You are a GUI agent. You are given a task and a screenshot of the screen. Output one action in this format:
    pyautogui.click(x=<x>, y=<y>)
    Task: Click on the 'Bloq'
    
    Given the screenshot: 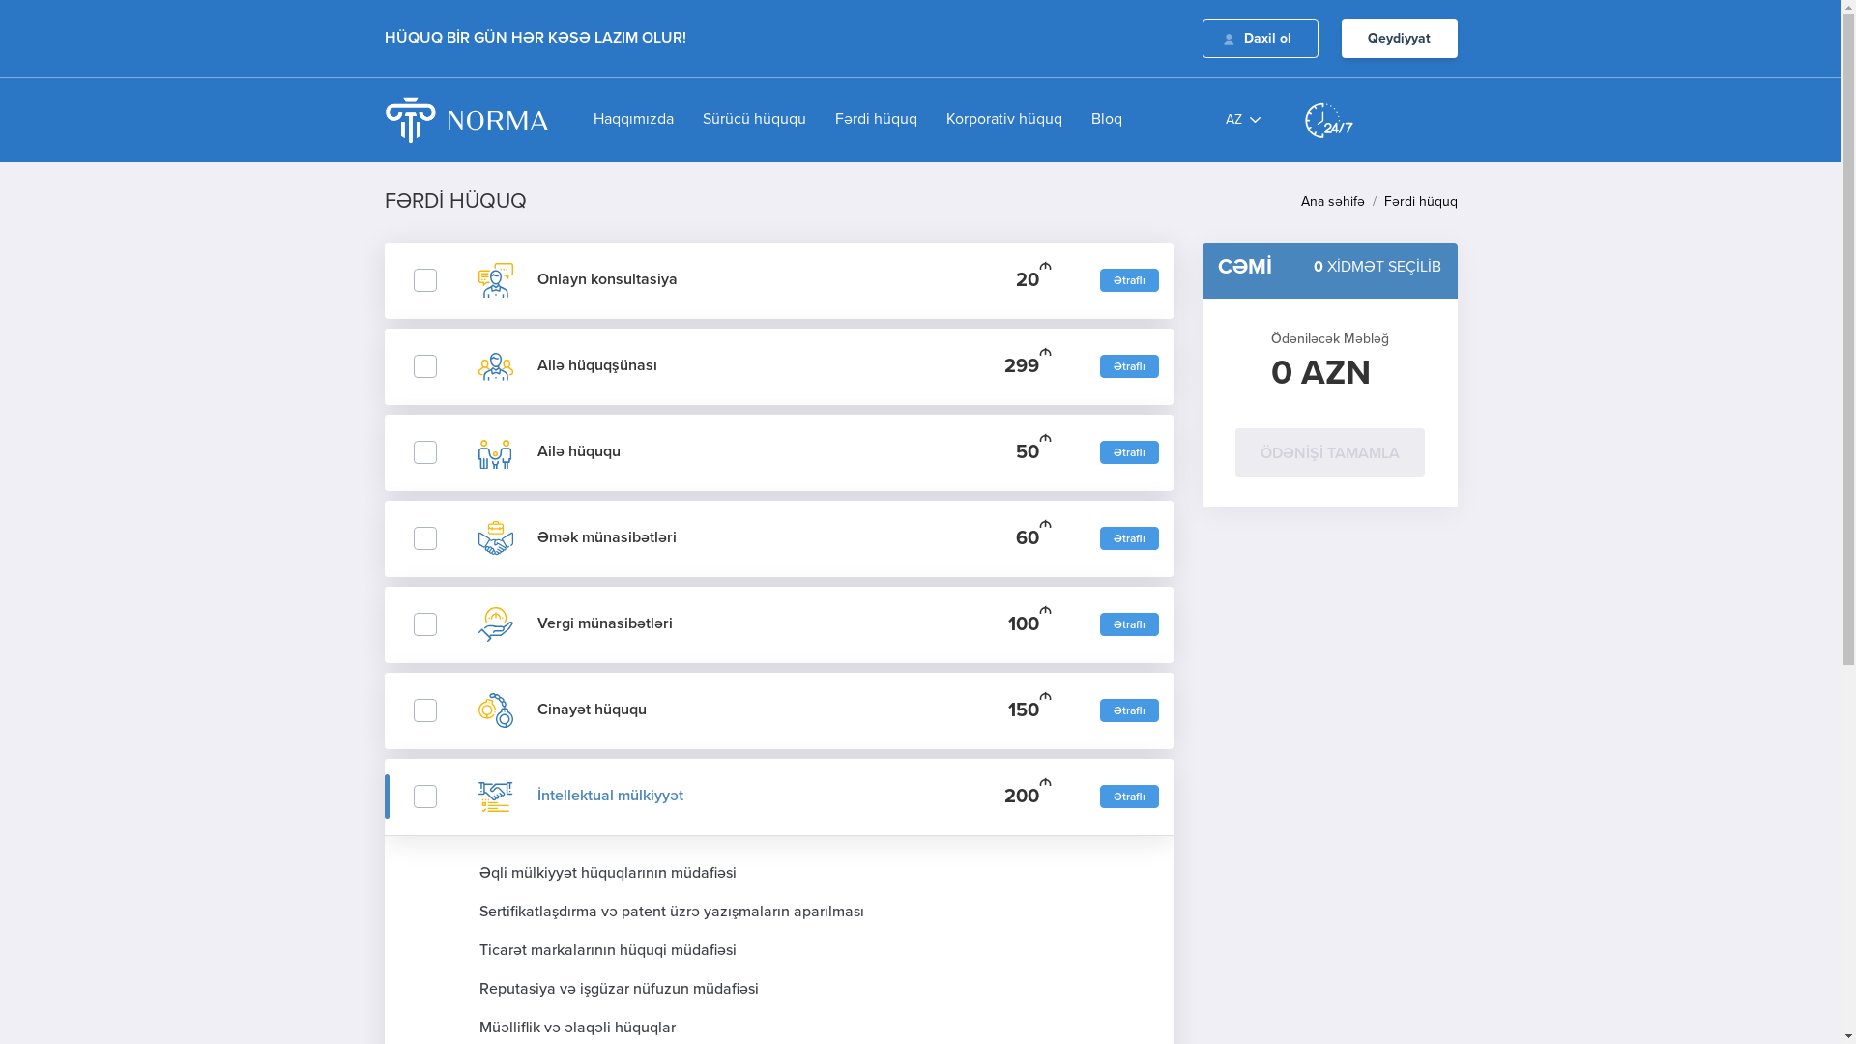 What is the action you would take?
    pyautogui.click(x=1091, y=120)
    